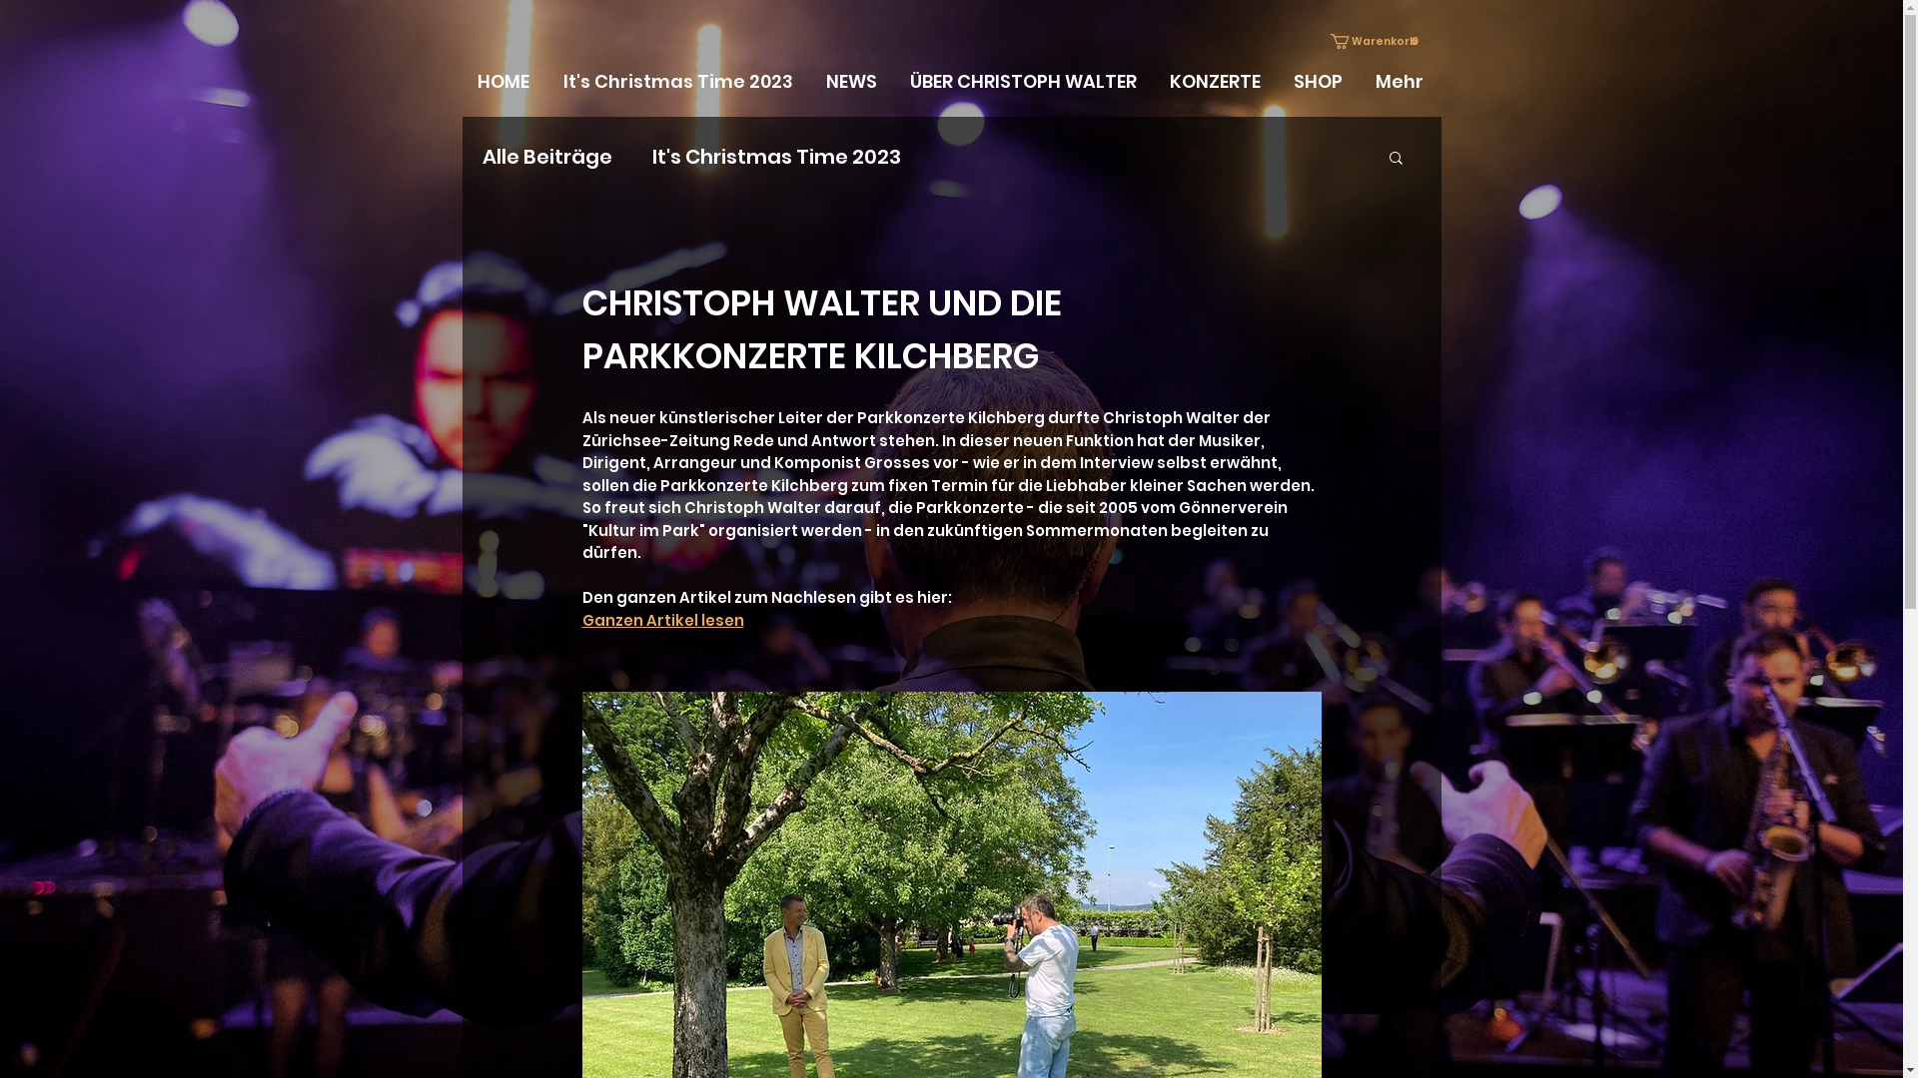 The height and width of the screenshot is (1078, 1918). Describe the element at coordinates (503, 80) in the screenshot. I see `'HOME'` at that location.